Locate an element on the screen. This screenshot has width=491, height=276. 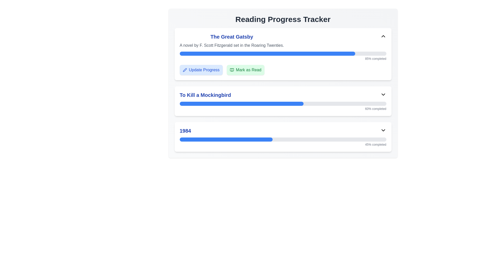
the text label for the book entry in the reading tracker interface, located beneath 'To Kill a Mockingbird' and adjacent to the progress bar is located at coordinates (185, 131).